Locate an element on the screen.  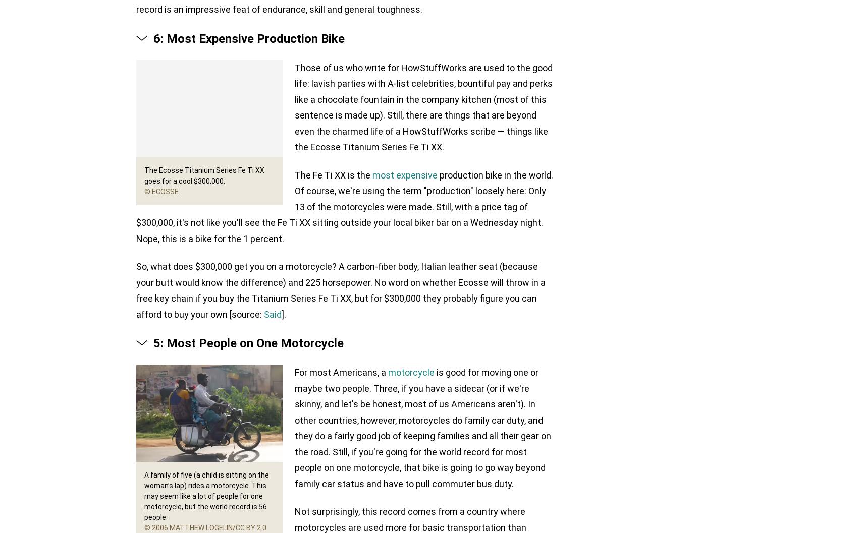
'For most Americans, a' is located at coordinates (341, 372).